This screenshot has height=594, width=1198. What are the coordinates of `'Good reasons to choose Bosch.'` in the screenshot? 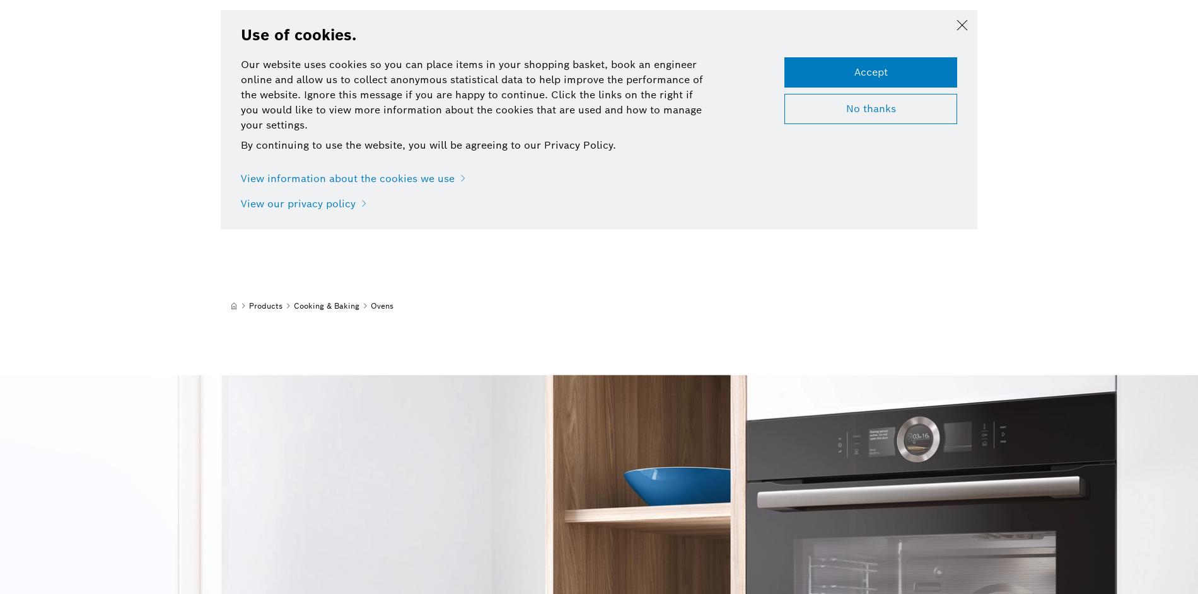 It's located at (219, 167).